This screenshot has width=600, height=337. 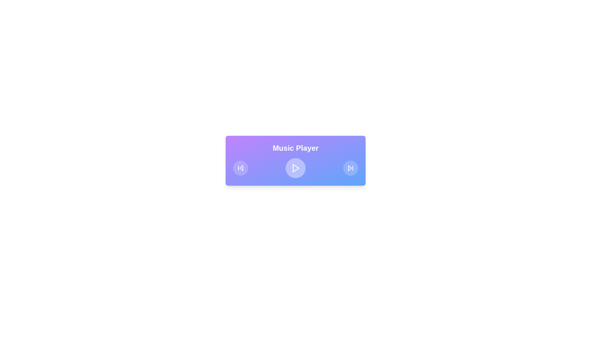 I want to click on the triangular play icon in the center of the media control interface to initiate playback, so click(x=296, y=168).